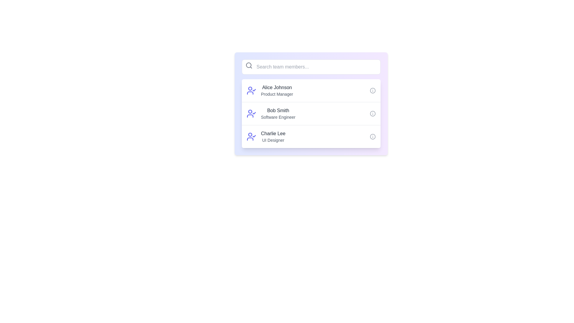 The height and width of the screenshot is (323, 574). What do you see at coordinates (251, 91) in the screenshot?
I see `the status represented by the verified user profile icon located to the left of 'Alice Johnson Product Manager'` at bounding box center [251, 91].